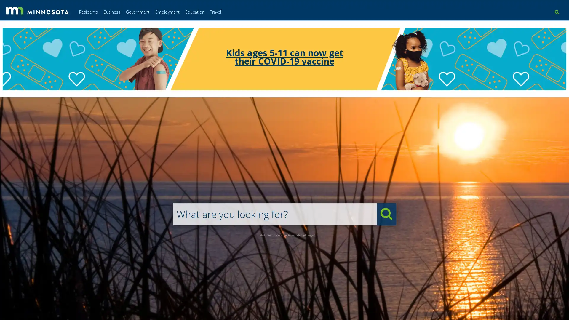 Image resolution: width=569 pixels, height=320 pixels. I want to click on use this button to toggle the search field, so click(557, 12).